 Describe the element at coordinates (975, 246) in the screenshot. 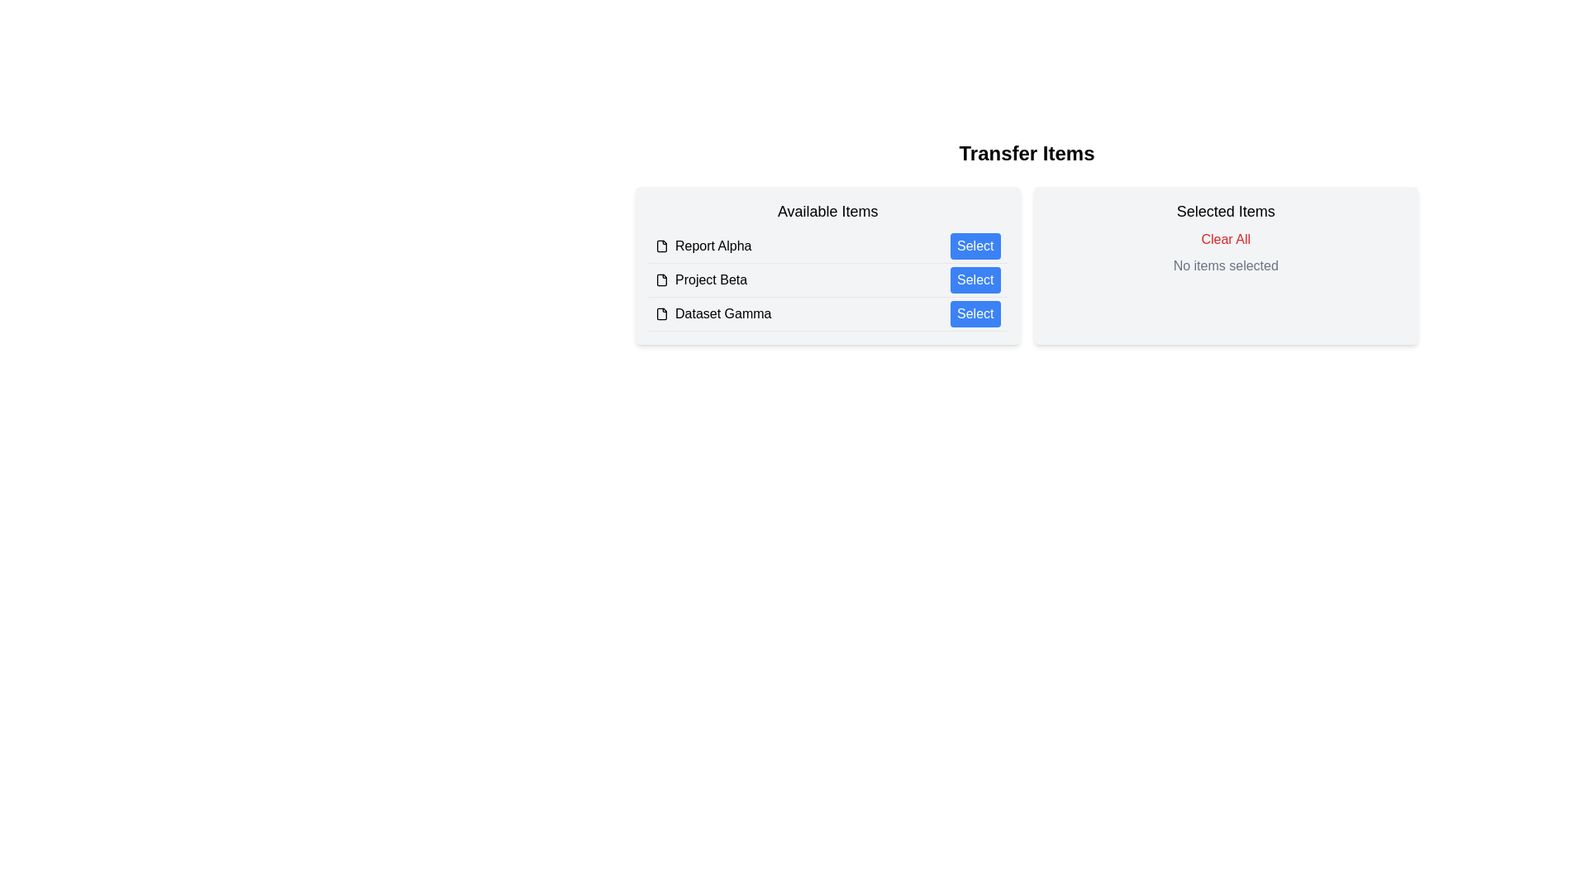

I see `the 'Select' button corresponding to the item labeled 'Report Alpha'` at that location.